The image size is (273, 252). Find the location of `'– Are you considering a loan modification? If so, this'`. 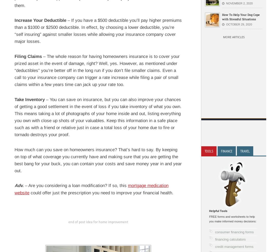

'– Are you considering a loan modification? If so, this' is located at coordinates (76, 185).